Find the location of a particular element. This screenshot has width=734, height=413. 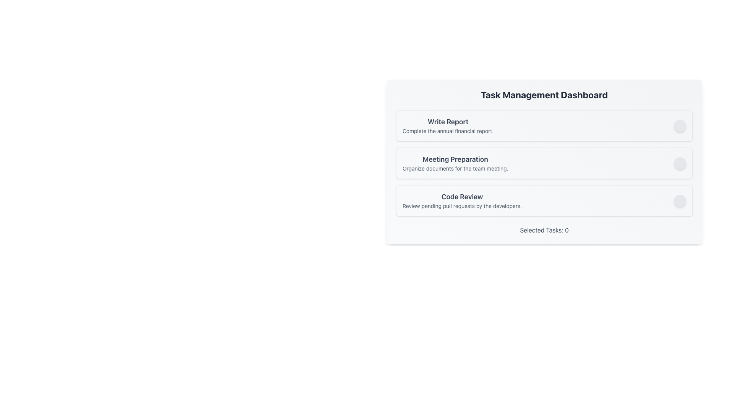

the static text providing additional information for the 'Code Review' task located below the 'Code Review' header in the third task panel is located at coordinates (462, 206).